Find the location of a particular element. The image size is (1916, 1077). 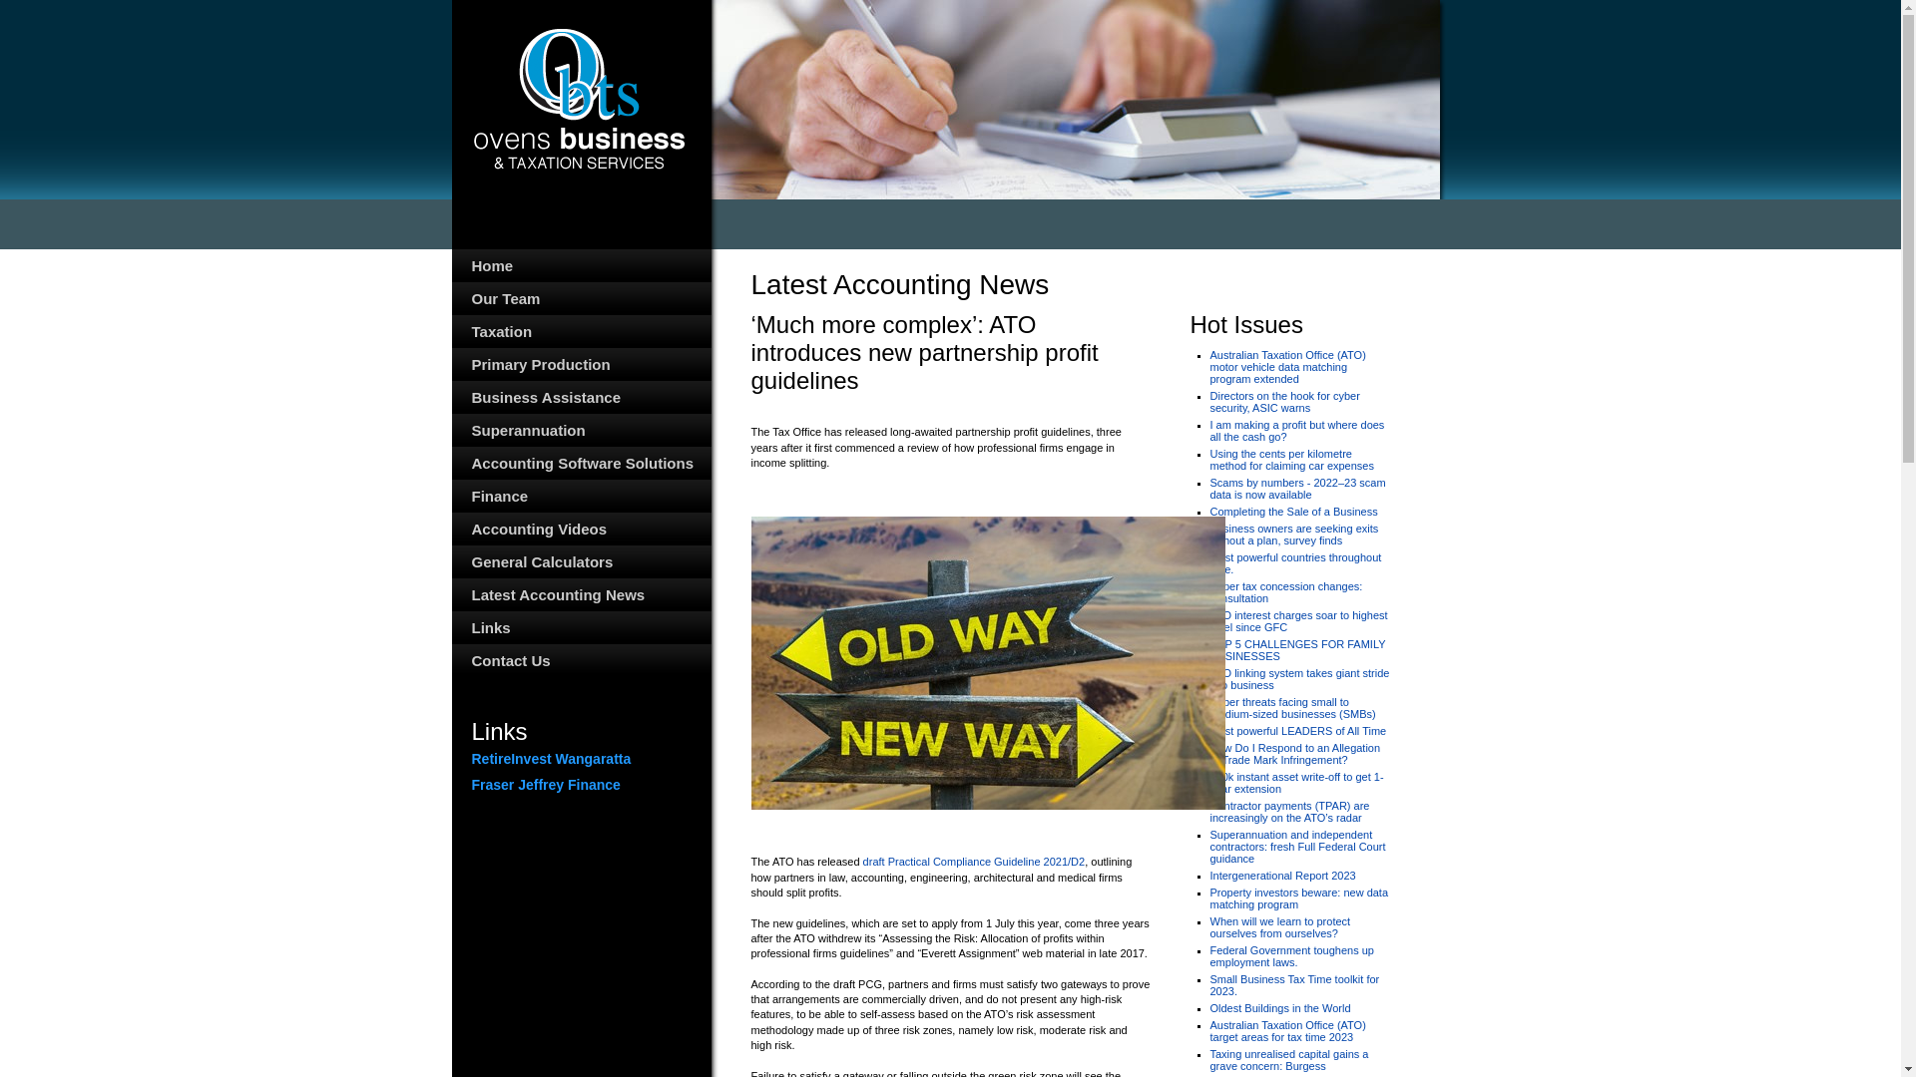

'Finance' is located at coordinates (579, 495).